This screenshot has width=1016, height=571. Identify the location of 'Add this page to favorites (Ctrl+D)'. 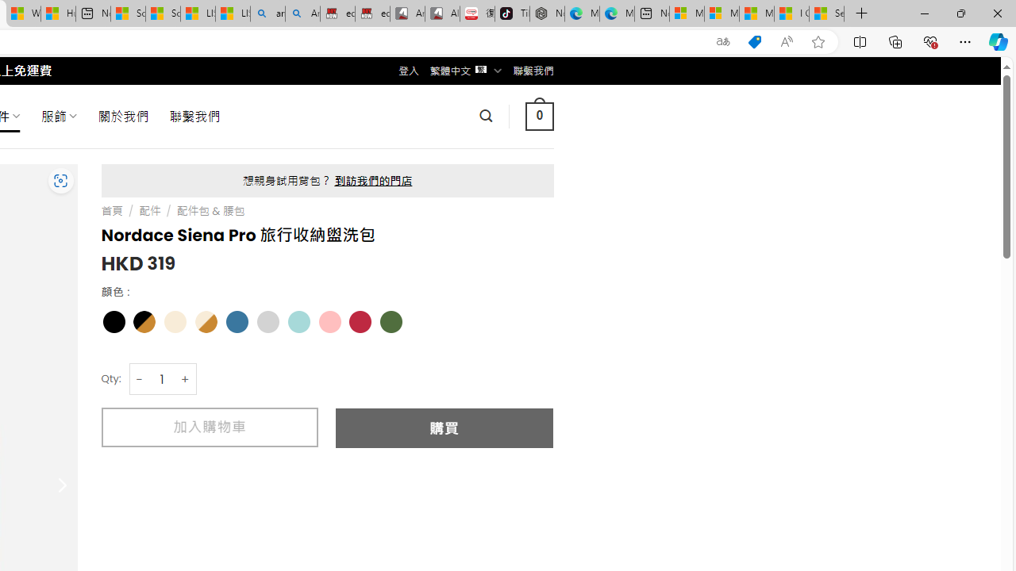
(818, 41).